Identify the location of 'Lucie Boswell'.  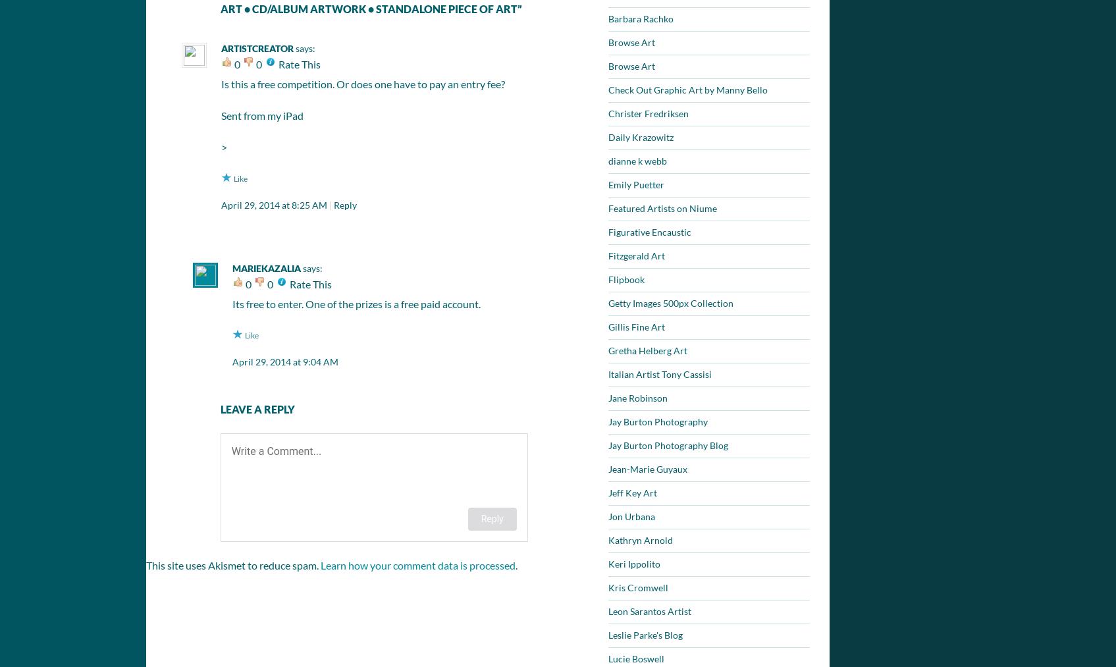
(636, 658).